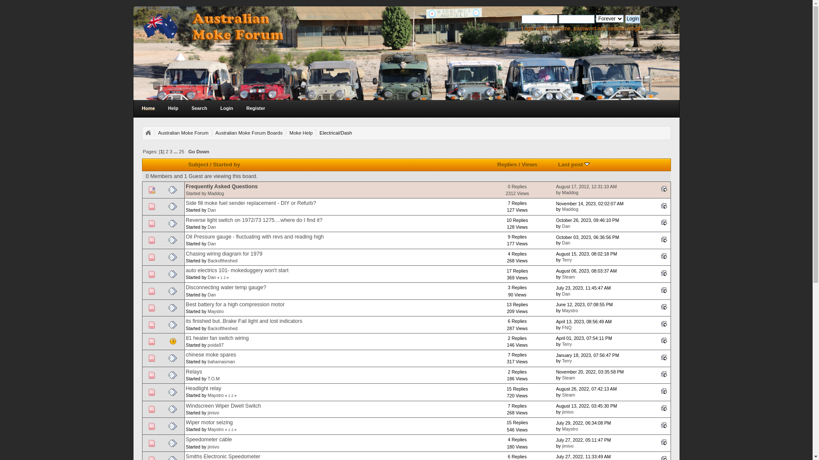  I want to click on 'Help', so click(163, 108).